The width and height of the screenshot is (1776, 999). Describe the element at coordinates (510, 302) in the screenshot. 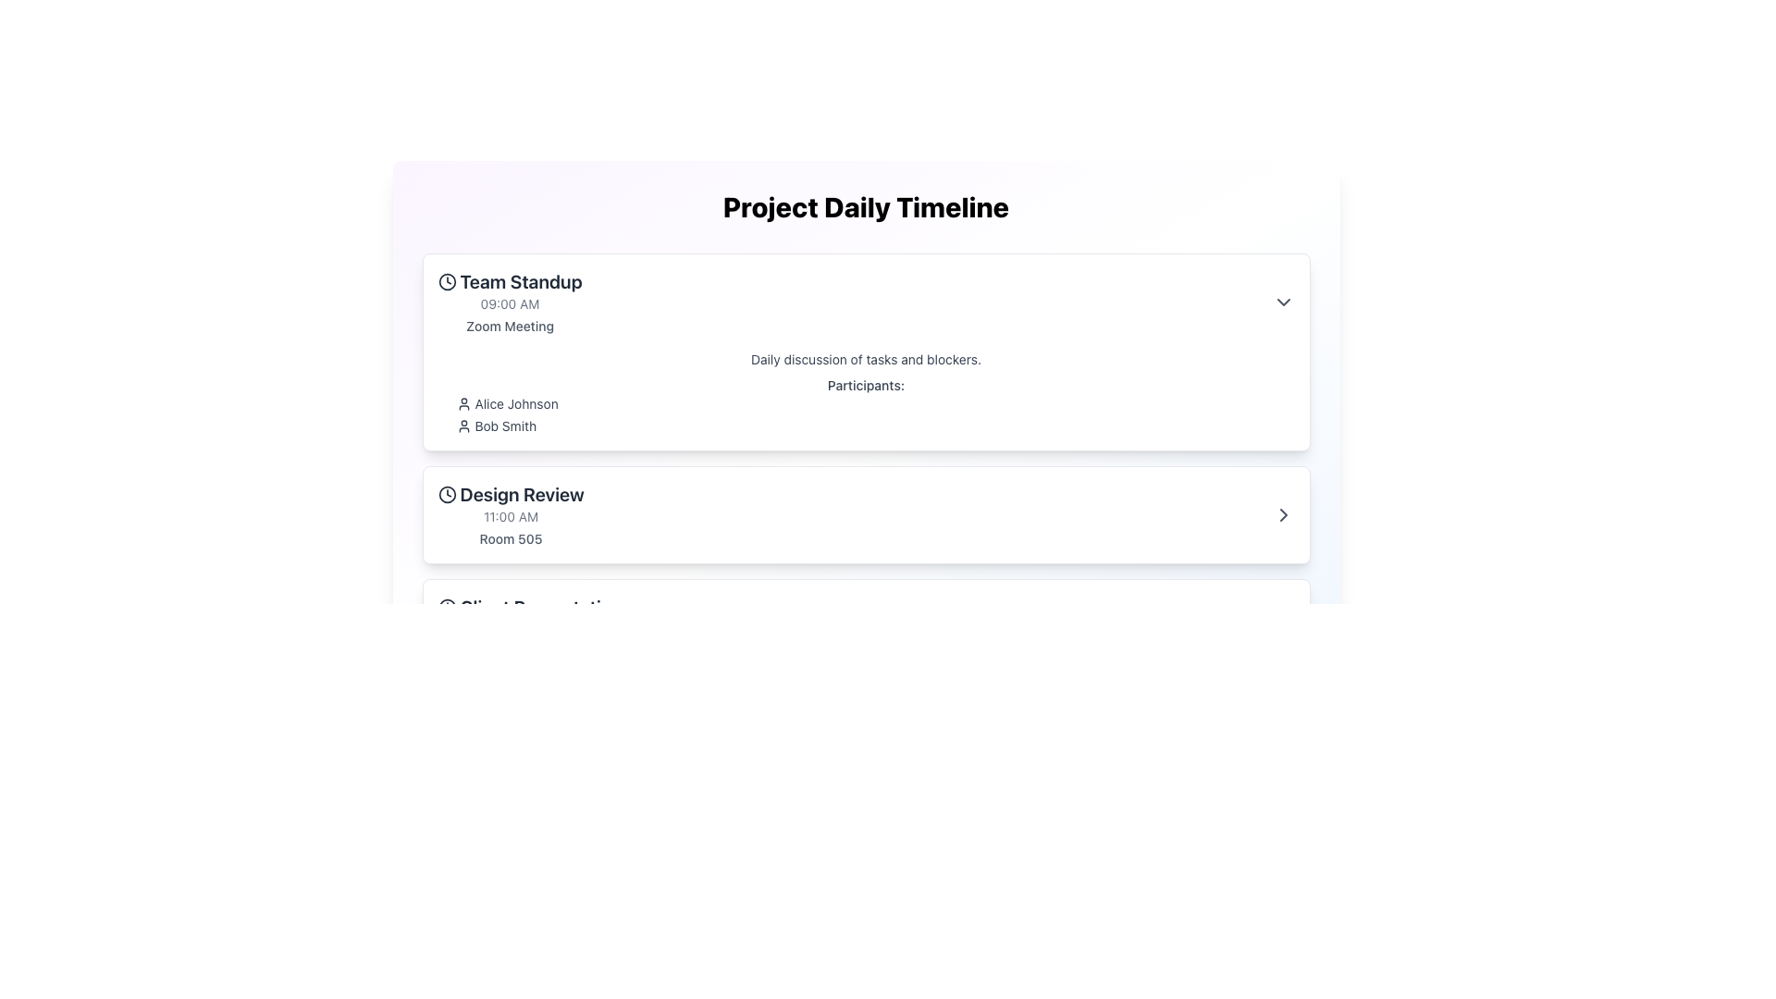

I see `the Event Listing for 'Team Standup' which includes the time '09:00 AM' and a clock icon, located in the top section of the 'Project Daily Timeline' interface` at that location.